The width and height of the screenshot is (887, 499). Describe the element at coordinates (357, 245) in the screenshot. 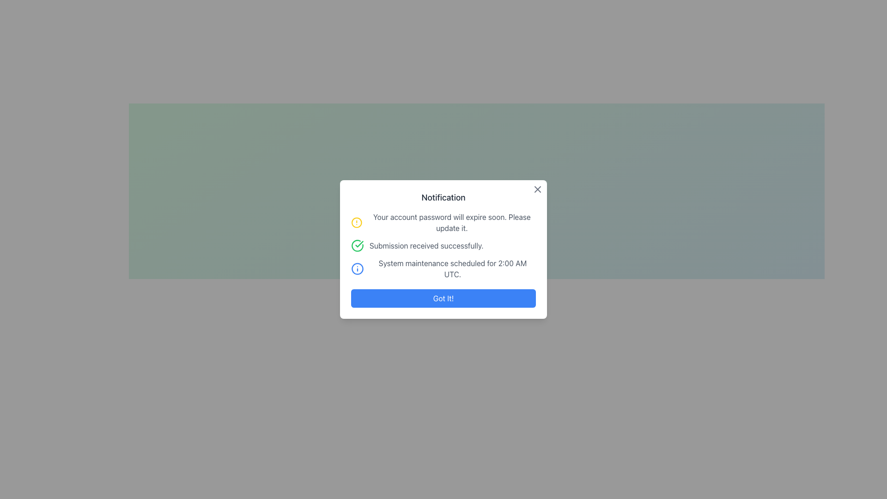

I see `the success confirmation icon located to the left of the text 'Submission received successfully.'` at that location.